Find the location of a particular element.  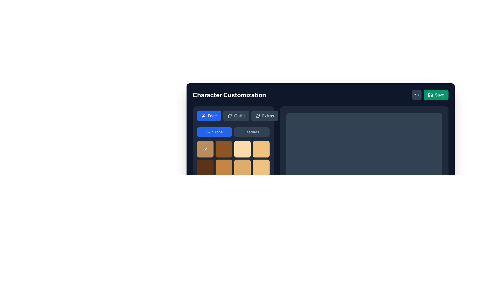

the 'Face' button in the character customization interface is located at coordinates (209, 116).